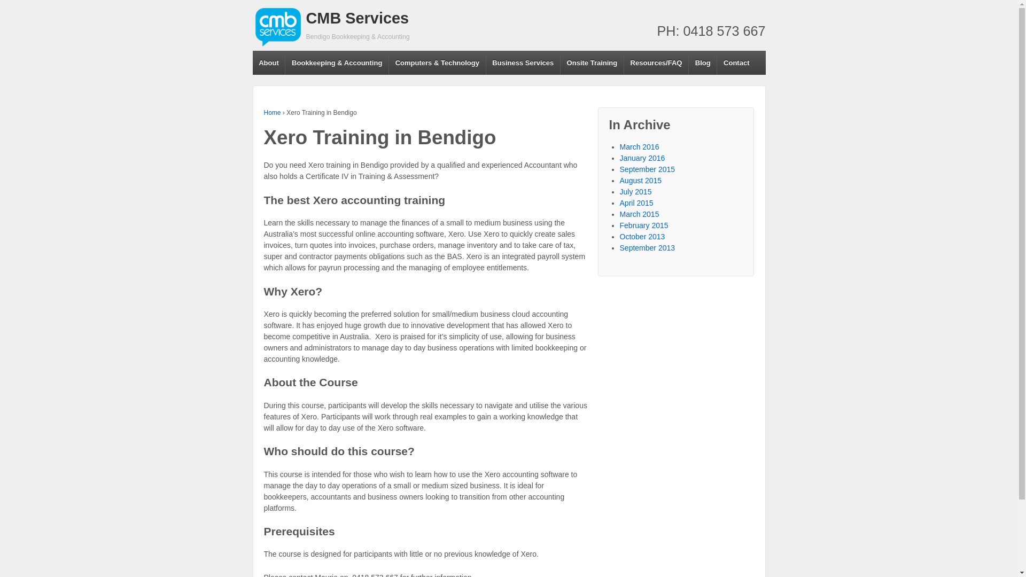  Describe the element at coordinates (639, 214) in the screenshot. I see `'March 2015'` at that location.